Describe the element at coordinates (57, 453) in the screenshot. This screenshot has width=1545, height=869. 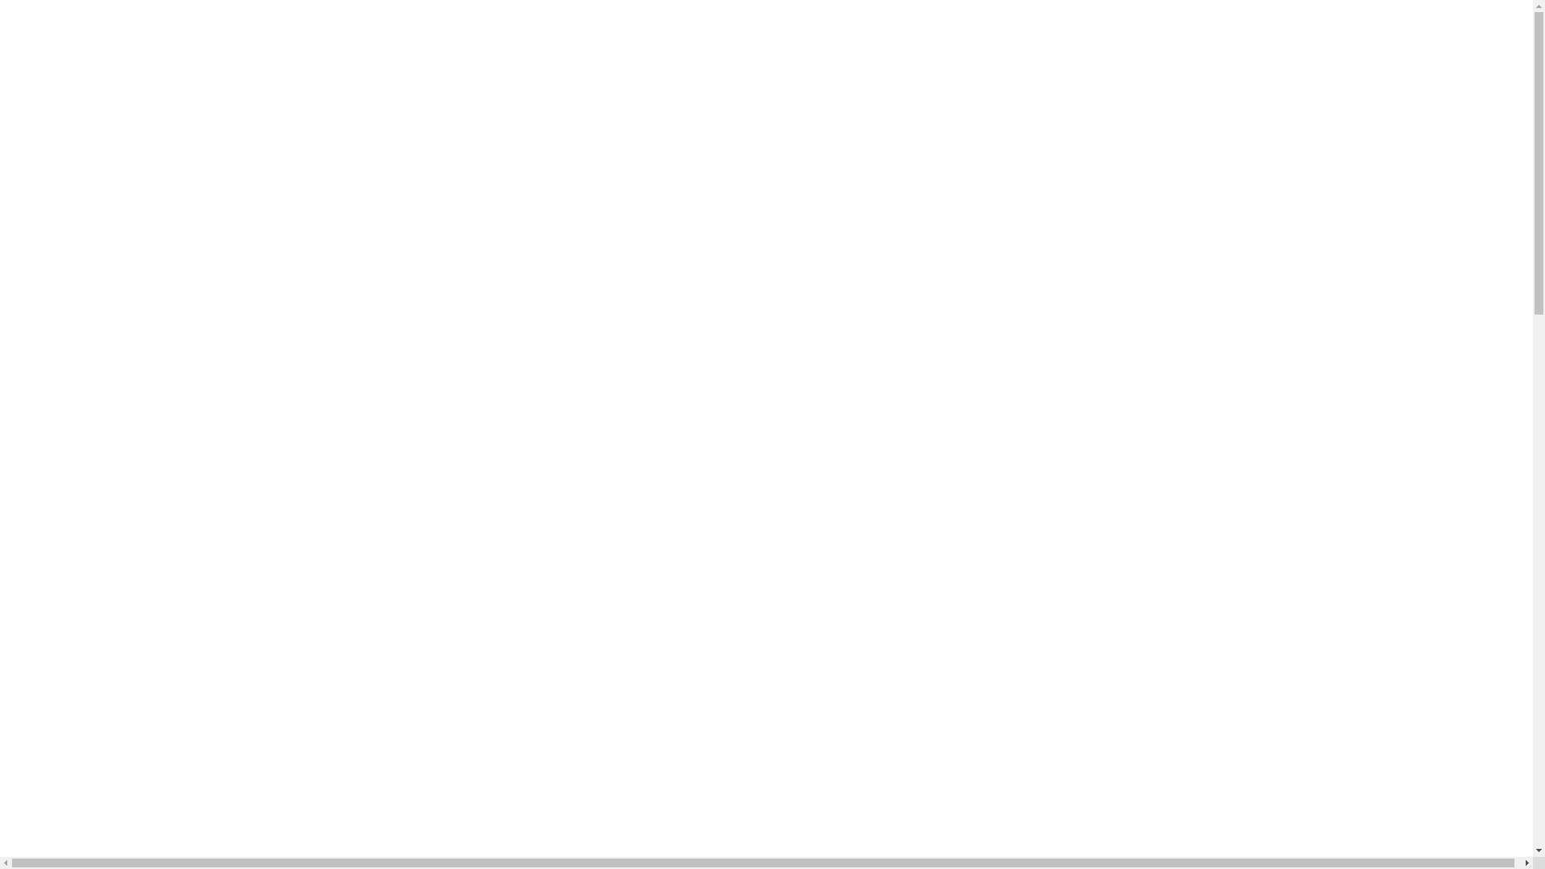
I see `'STORY'` at that location.